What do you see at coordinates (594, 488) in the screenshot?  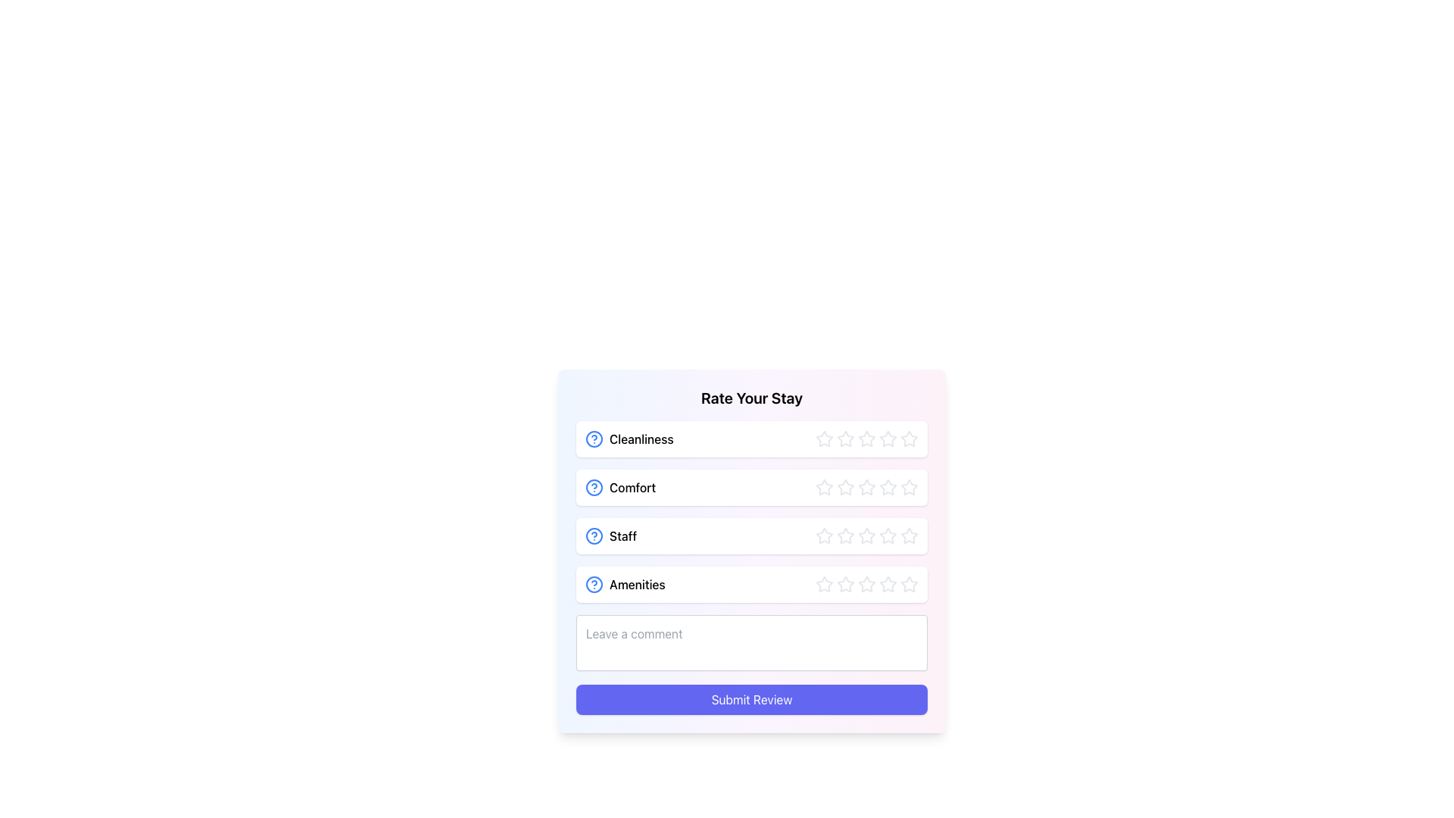 I see `the question mark icon that provides additional information related to the 'Comfort' category in the review form` at bounding box center [594, 488].